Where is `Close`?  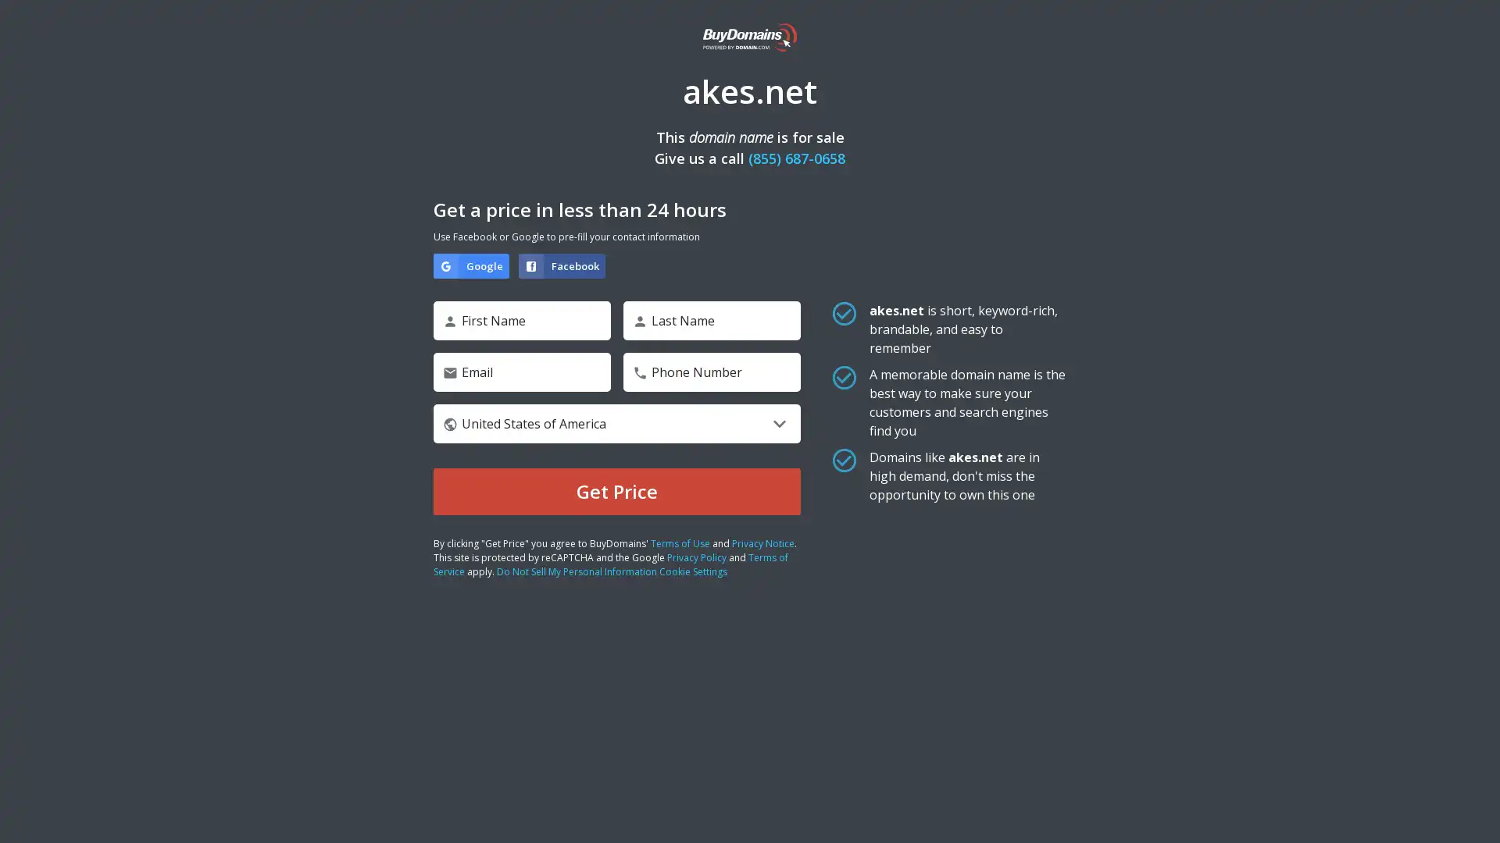
Close is located at coordinates (285, 585).